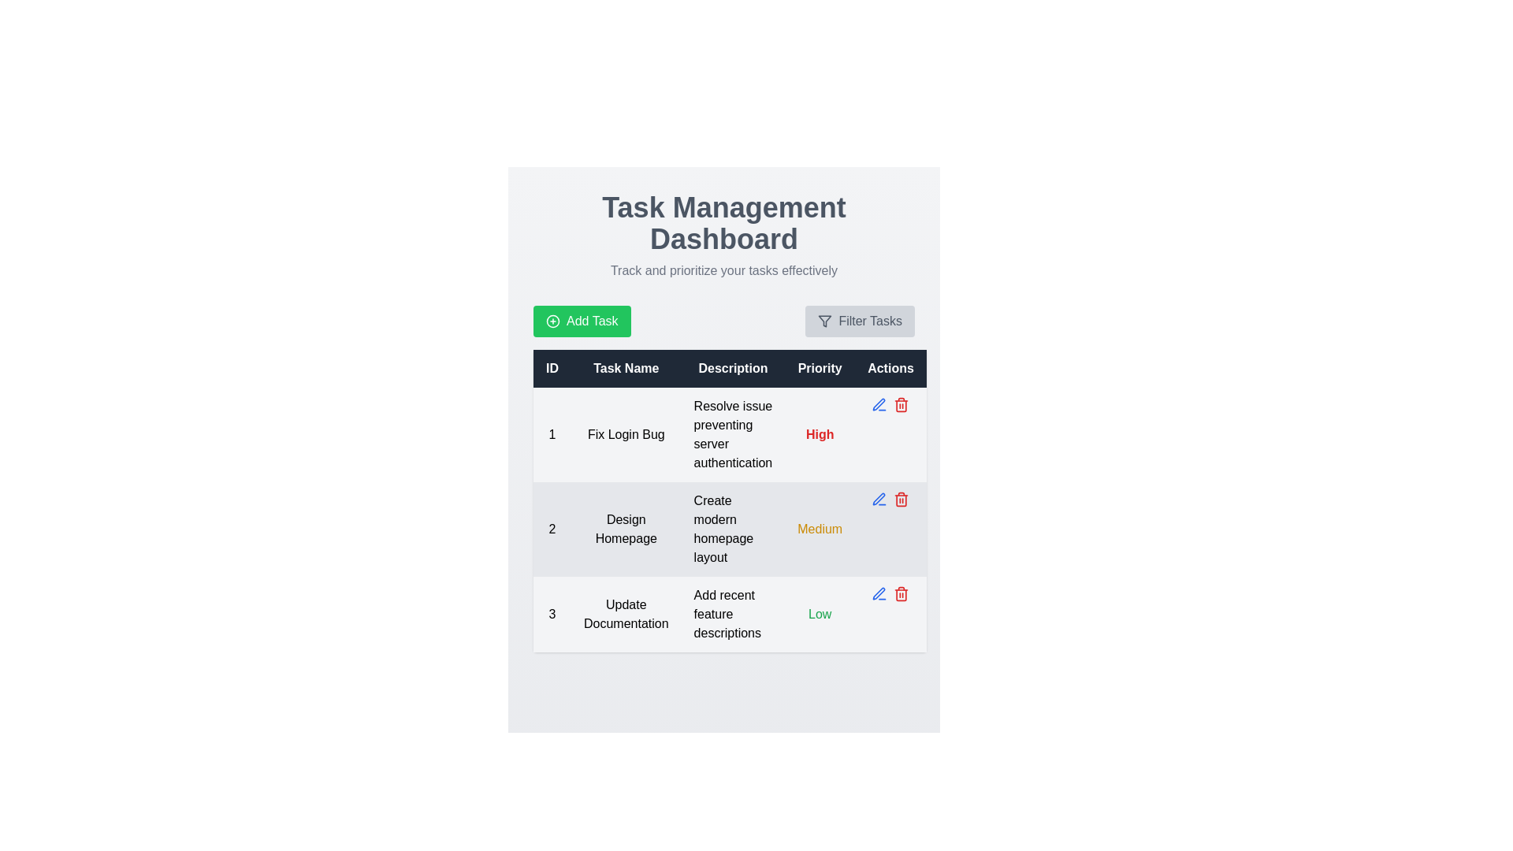  What do you see at coordinates (625, 529) in the screenshot?
I see `the 'Design Homepage' text label located in the second cell of the 'Task Name' column in the table corresponding to task ID '2'` at bounding box center [625, 529].